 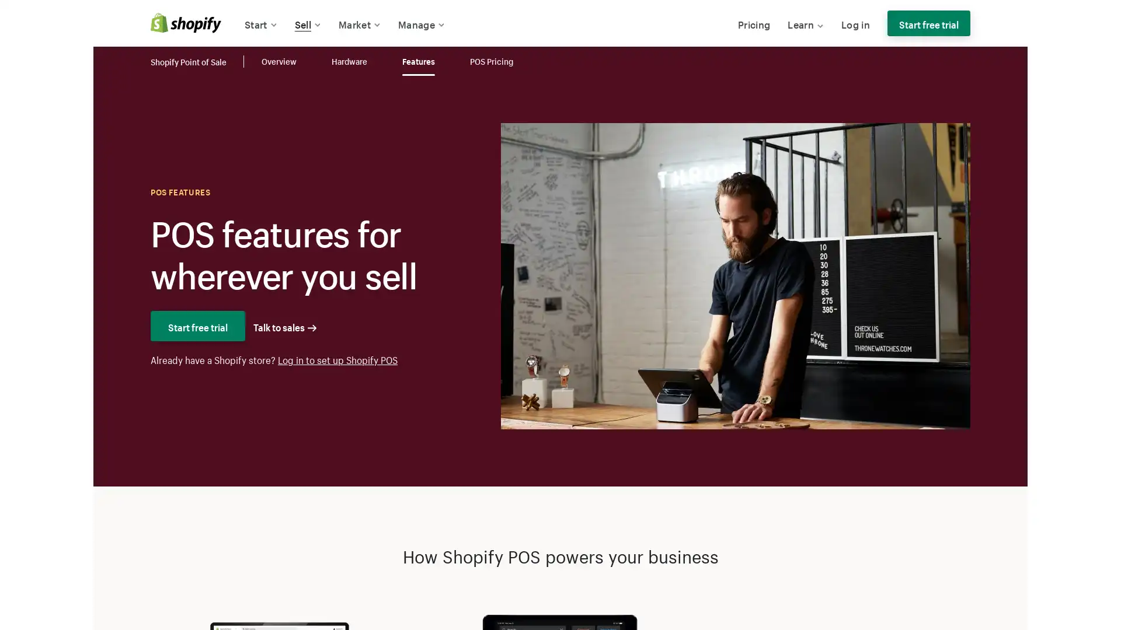 I want to click on Start free trial, so click(x=198, y=326).